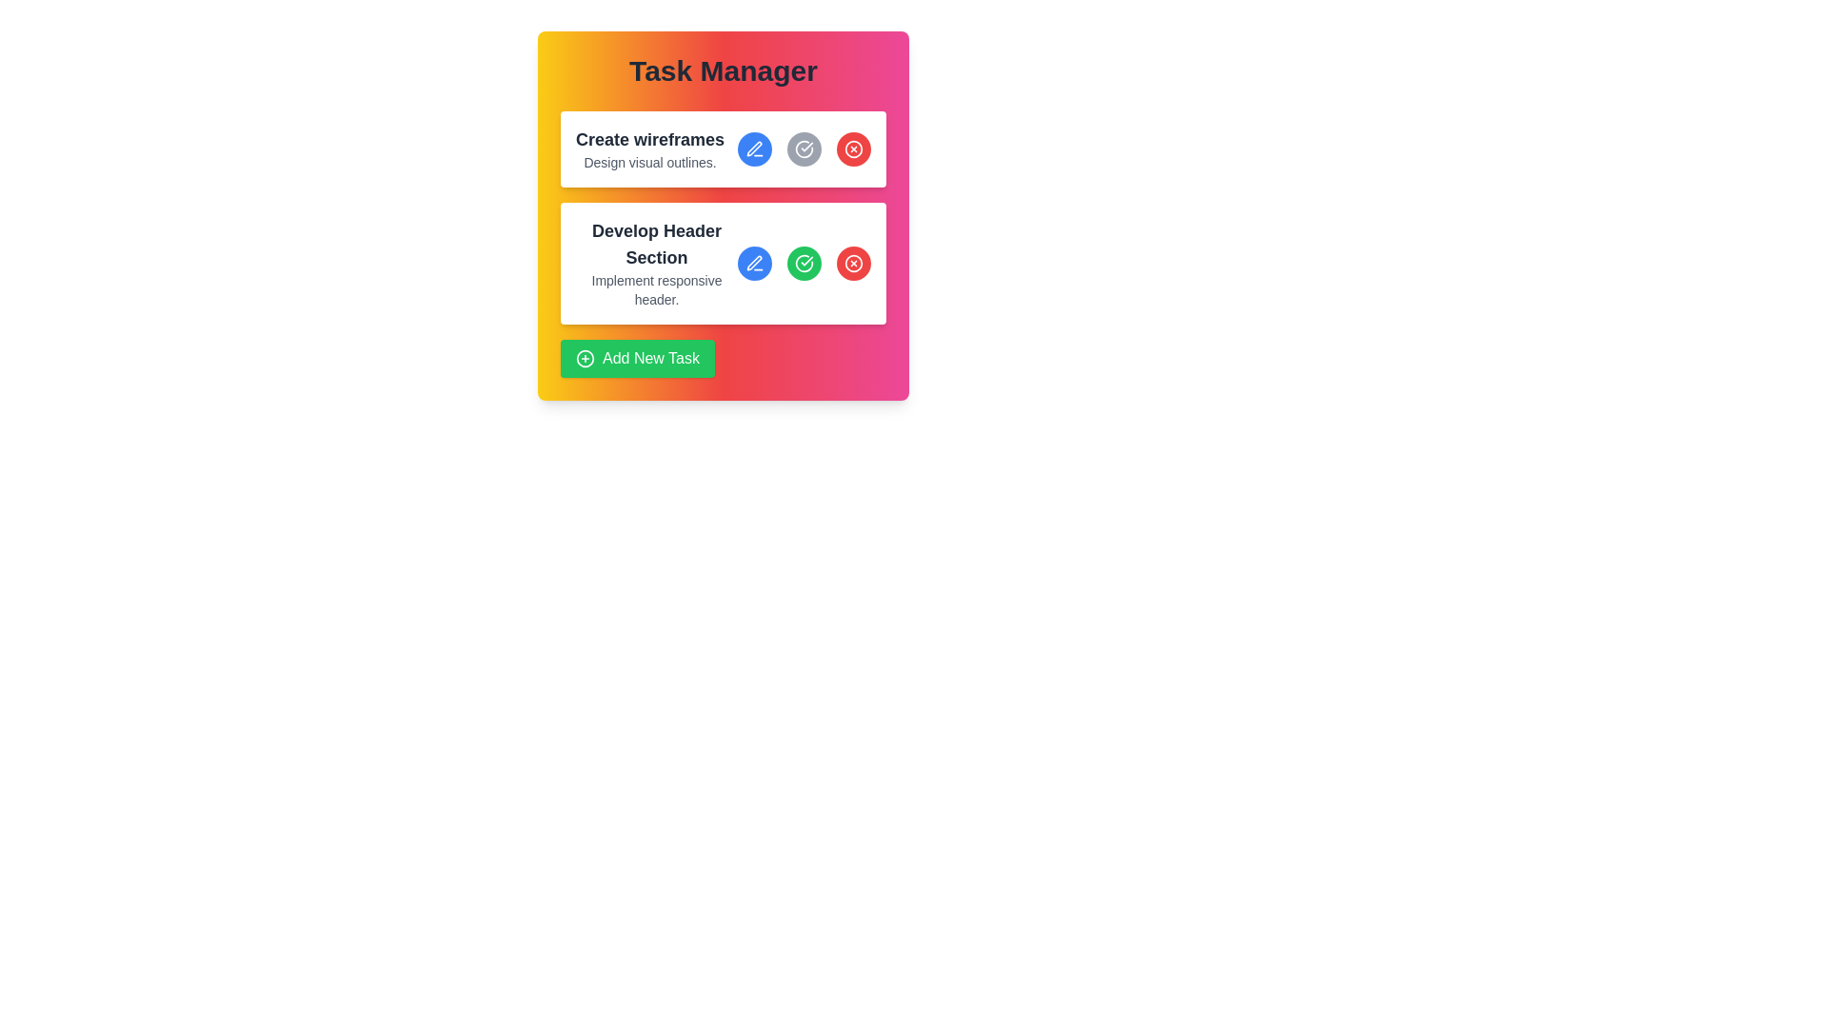 The image size is (1828, 1028). What do you see at coordinates (804, 264) in the screenshot?
I see `the middle confirmation button located at the bottom-right of the 'Develop Header Section' task card to confirm or complete the action` at bounding box center [804, 264].